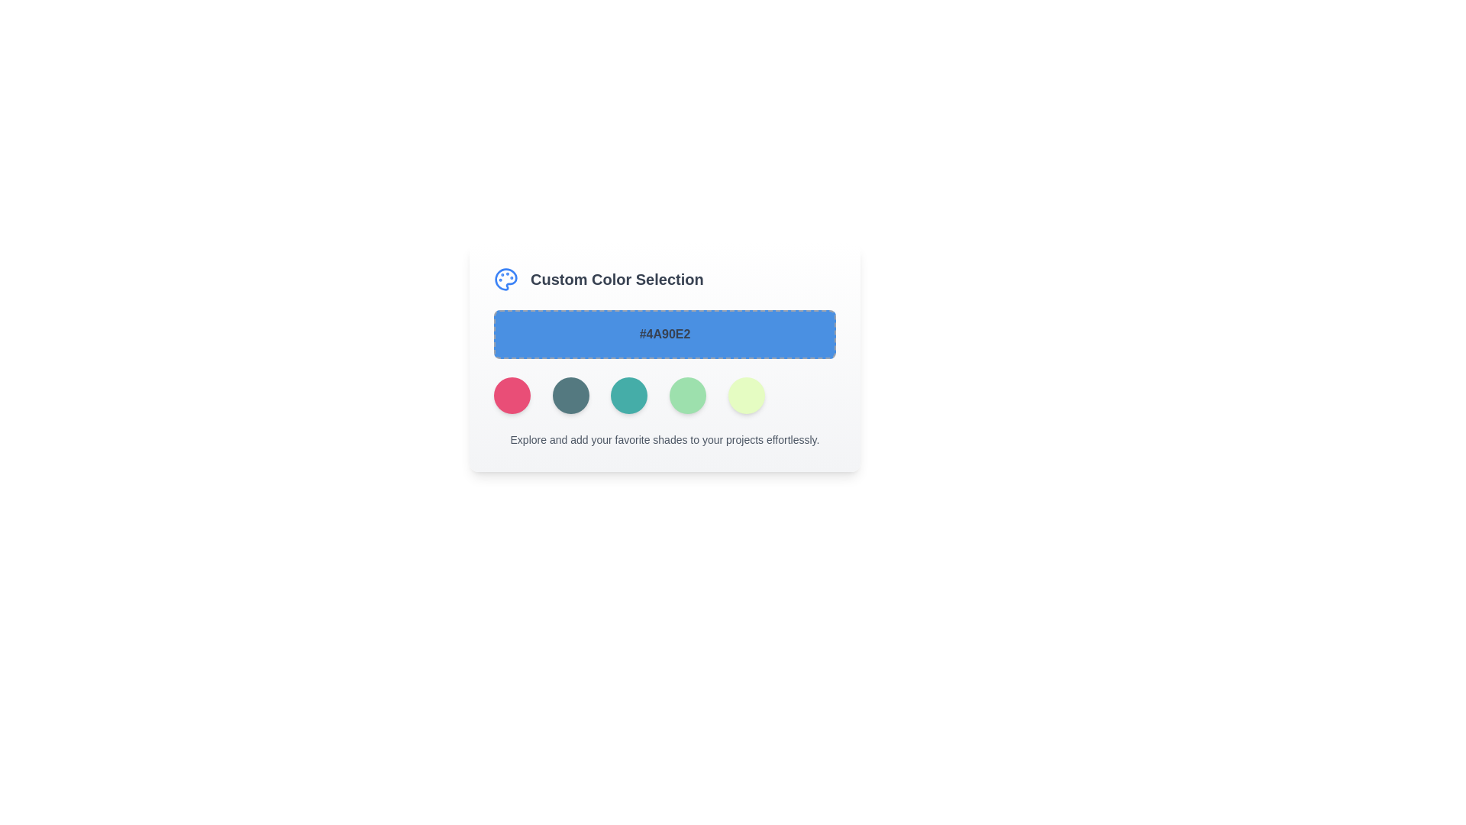 This screenshot has width=1466, height=825. What do you see at coordinates (505, 280) in the screenshot?
I see `the decorative icon for the color selection feature located in the upper left section of the 'Custom Color Selection' card, adjacent to the text label` at bounding box center [505, 280].